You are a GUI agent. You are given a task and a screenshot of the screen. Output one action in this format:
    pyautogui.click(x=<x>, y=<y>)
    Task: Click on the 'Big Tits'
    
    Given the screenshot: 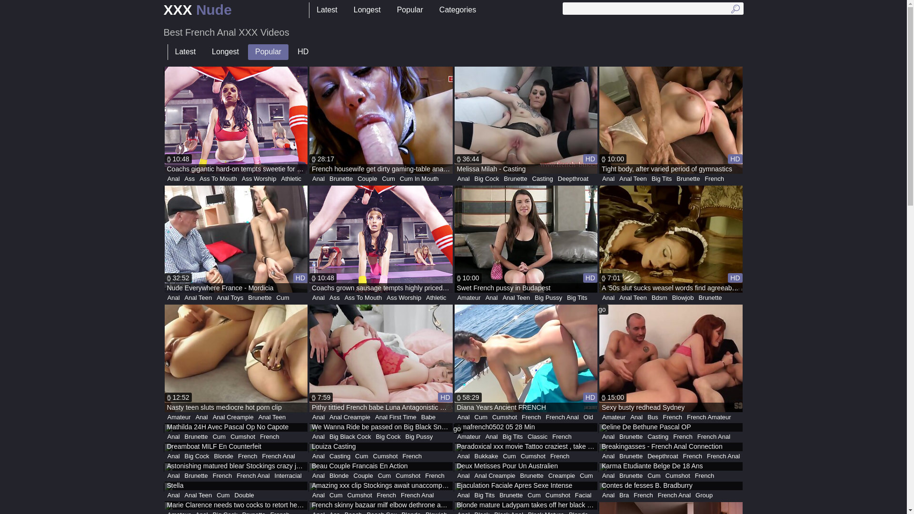 What is the action you would take?
    pyautogui.click(x=661, y=178)
    